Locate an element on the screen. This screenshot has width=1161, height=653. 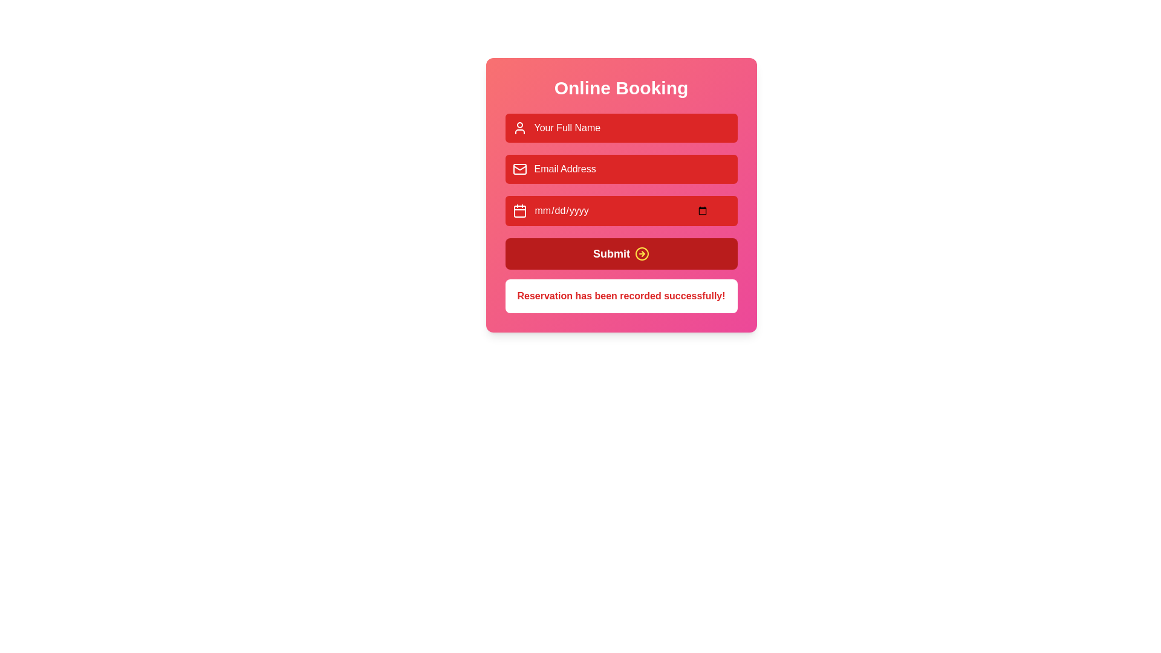
the visual indicator icon for the 'Email Address' input field, which is located on the left side of the field alongside the placeholder text is located at coordinates (519, 169).